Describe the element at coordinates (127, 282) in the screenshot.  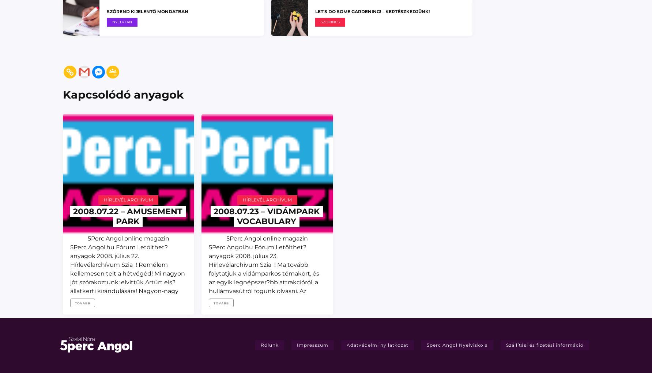
I see `'5Perc Angol online magazin 5Perc Angol.hu Fórum Letölthet? anyagok 2008. július 22. Hírlevélarchívum Szia  ! Remélem kellemesen telt a hétvégéd! Mi nagyon jót szórakoztunk: elvittük Artúrt els? állatkerti kirándulására! Nagyon-nagy élmény volt mind a hármunknak! Legjobban a fókák tetszettek neki, ahogy úsztak mellette, meg a feje felett. Készítettem is'` at that location.